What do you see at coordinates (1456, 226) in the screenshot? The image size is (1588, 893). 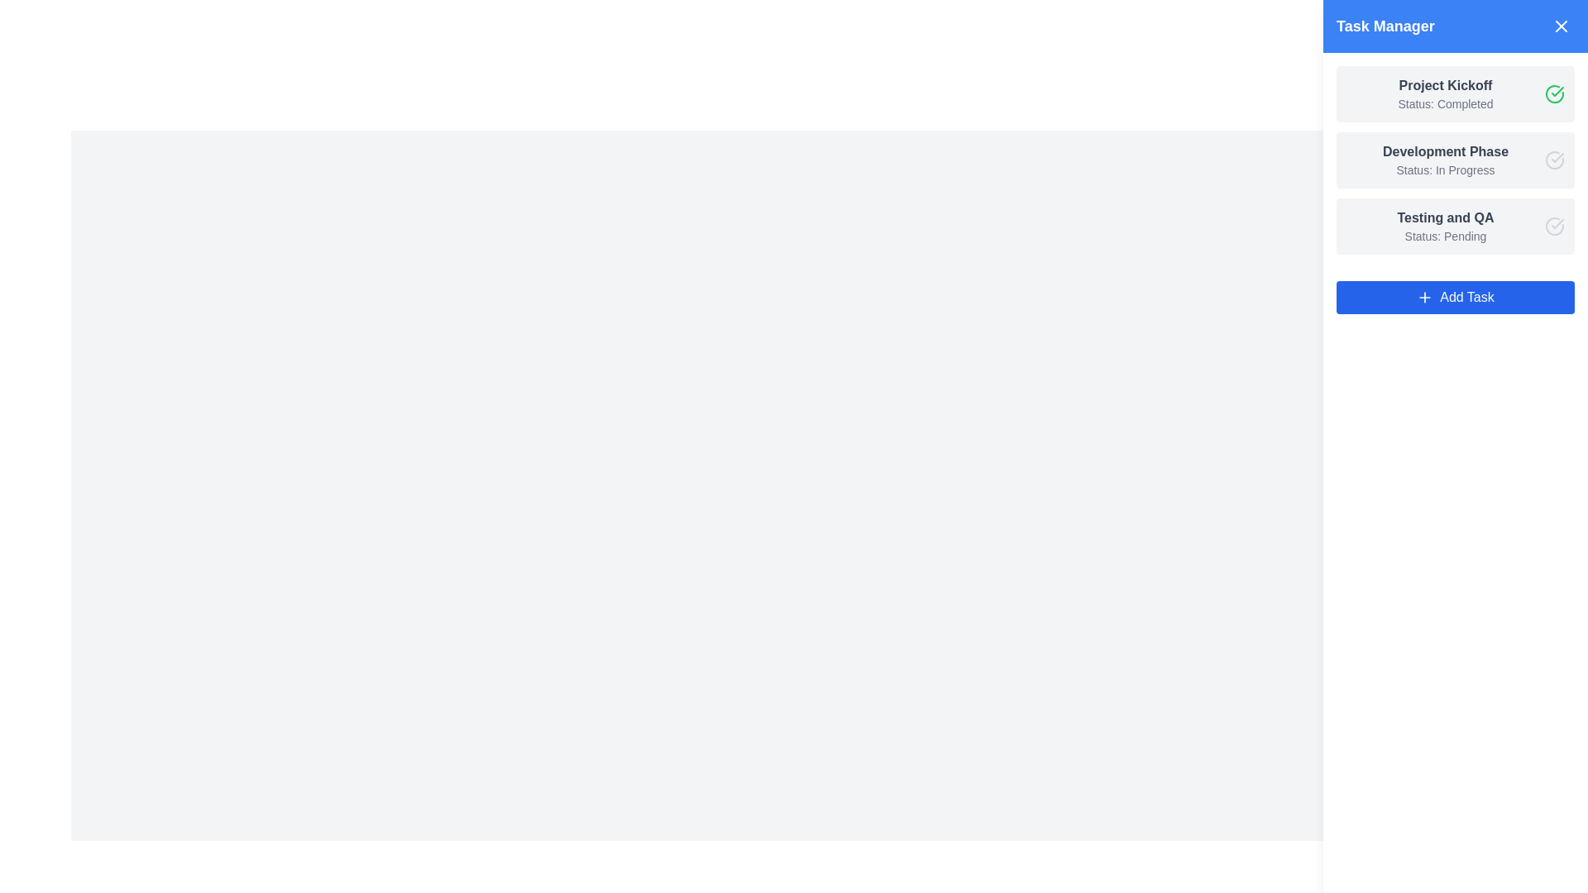 I see `the 'Testing and QA' task item in the task management panel` at bounding box center [1456, 226].